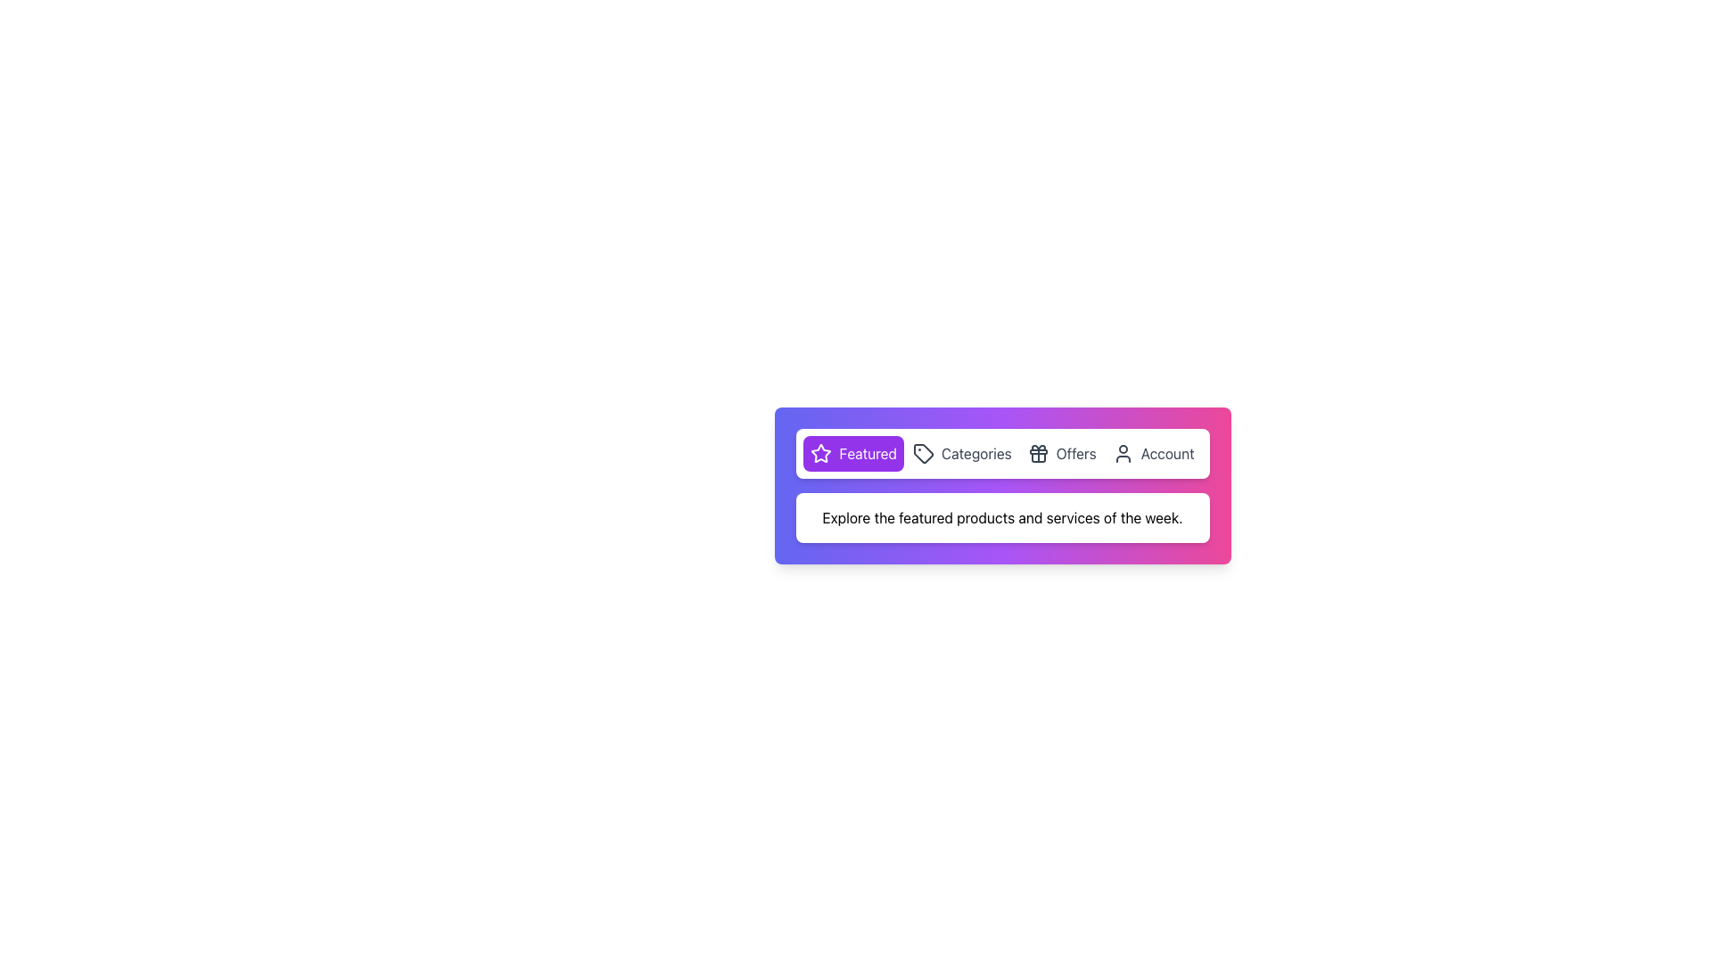 The image size is (1712, 963). What do you see at coordinates (868, 453) in the screenshot?
I see `the text label inside the navigation button that identifies featured items, located to the right of the purple button and next to the star icon` at bounding box center [868, 453].